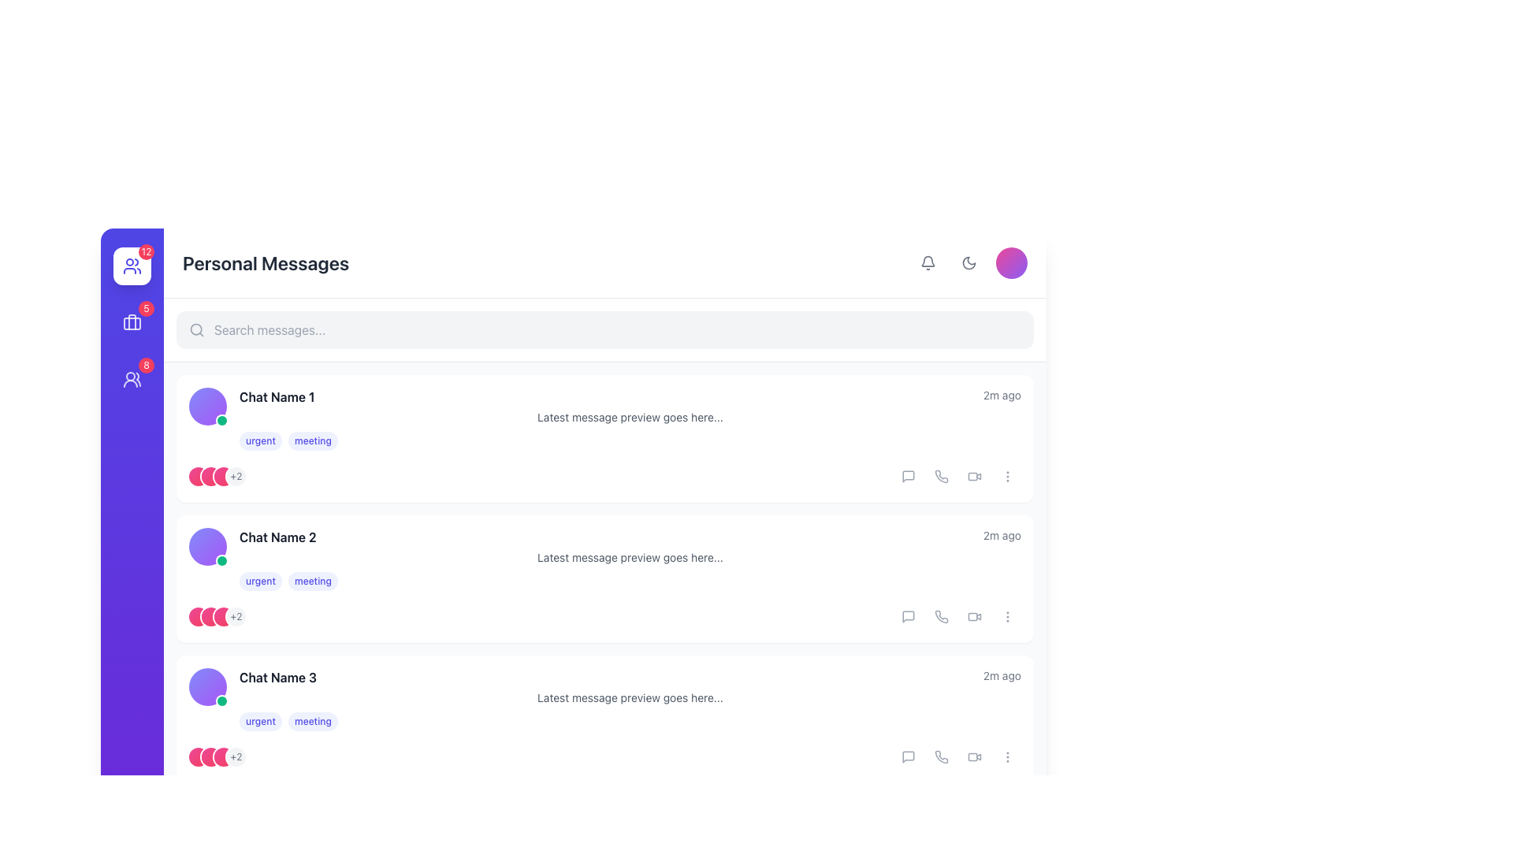 Image resolution: width=1513 pixels, height=851 pixels. Describe the element at coordinates (266, 262) in the screenshot. I see `the 'Personal Messages' text element, which is a centered text block styled in a large, bold font in dark gray color, located in the top-left section of the interface within the header bar` at that location.